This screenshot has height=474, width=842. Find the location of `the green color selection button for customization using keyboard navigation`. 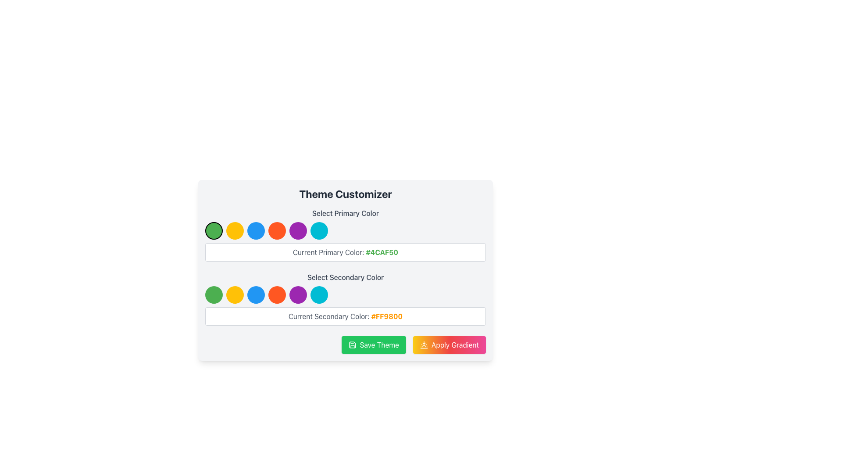

the green color selection button for customization using keyboard navigation is located at coordinates (214, 230).